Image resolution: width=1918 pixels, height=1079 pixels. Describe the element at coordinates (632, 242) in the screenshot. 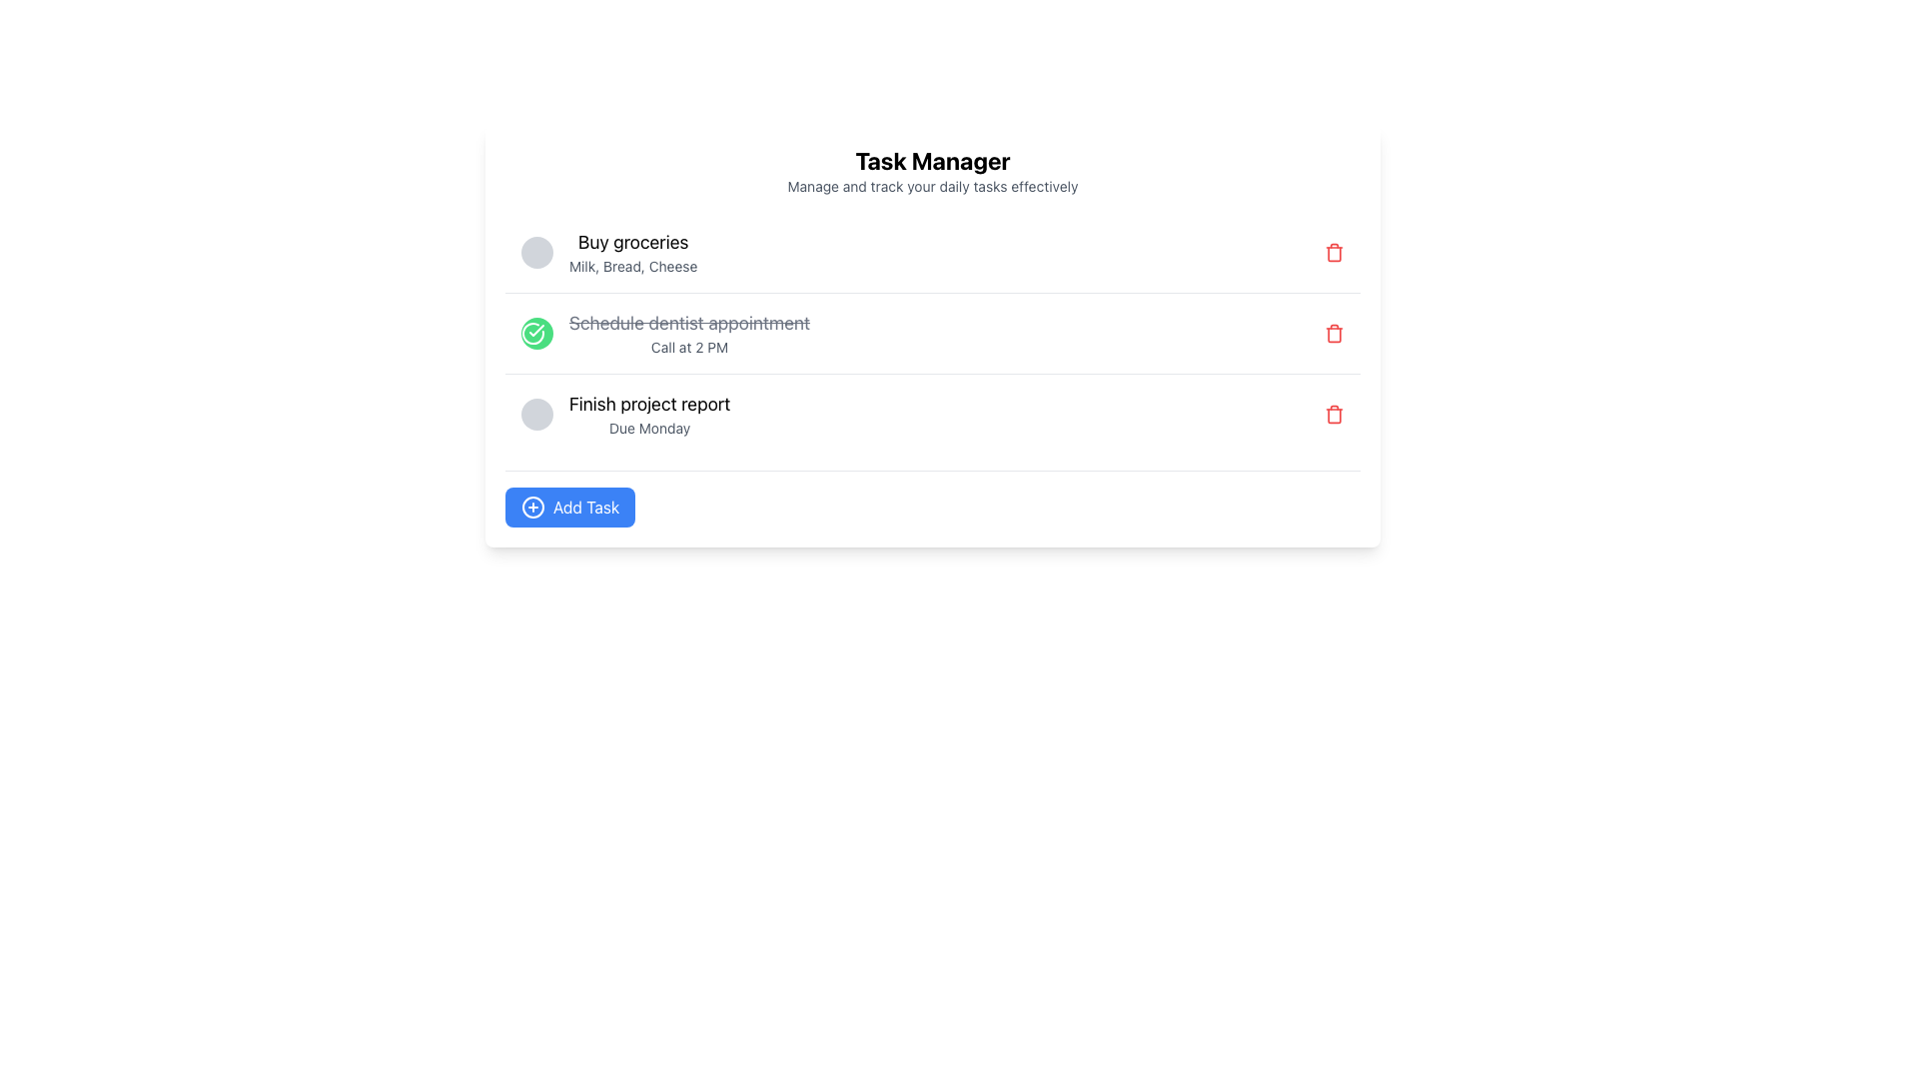

I see `the static text header that serves as the title of the task within the task management interface, located above the task details 'Milk, Bread, Cheese.'` at that location.